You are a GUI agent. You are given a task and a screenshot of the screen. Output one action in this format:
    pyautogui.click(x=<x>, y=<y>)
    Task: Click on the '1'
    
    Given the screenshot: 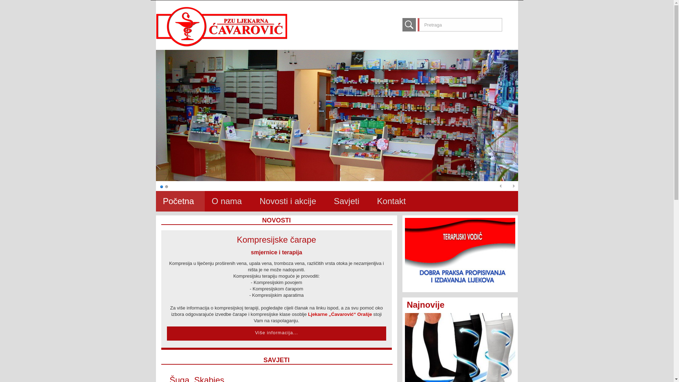 What is the action you would take?
    pyautogui.click(x=161, y=186)
    